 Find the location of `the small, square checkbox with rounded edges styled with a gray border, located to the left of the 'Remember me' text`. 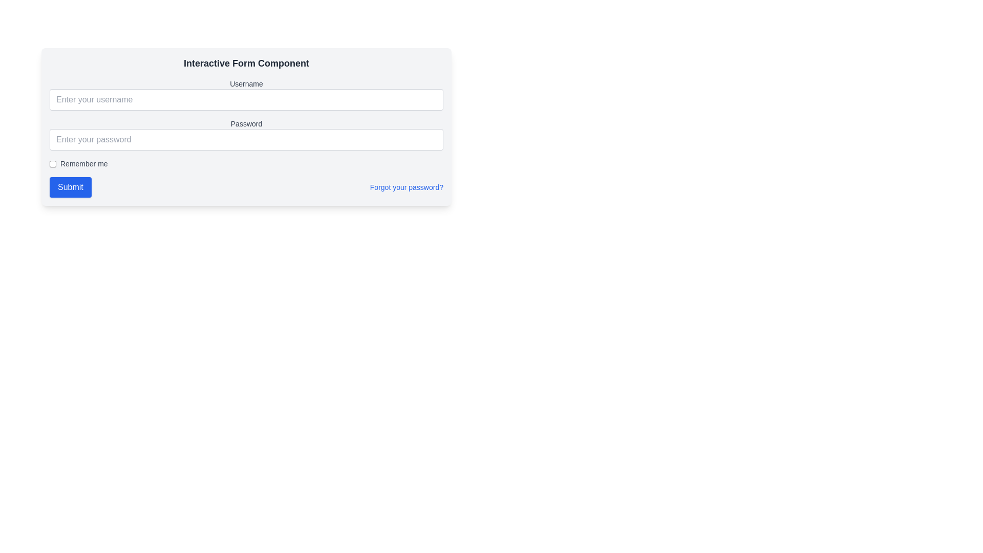

the small, square checkbox with rounded edges styled with a gray border, located to the left of the 'Remember me' text is located at coordinates (52, 163).